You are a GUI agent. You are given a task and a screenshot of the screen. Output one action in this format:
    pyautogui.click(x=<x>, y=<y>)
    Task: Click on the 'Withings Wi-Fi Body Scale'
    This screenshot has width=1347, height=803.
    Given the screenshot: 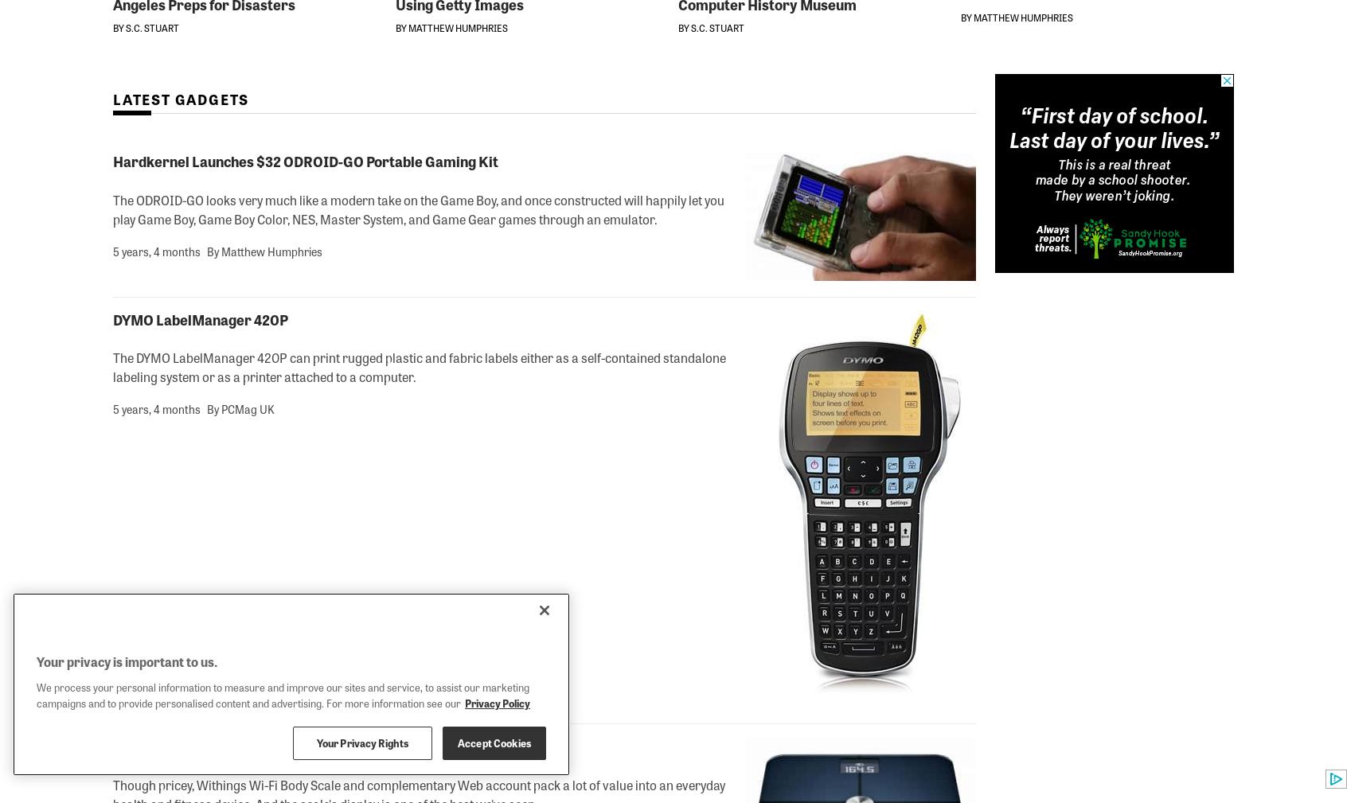 What is the action you would take?
    pyautogui.click(x=198, y=745)
    